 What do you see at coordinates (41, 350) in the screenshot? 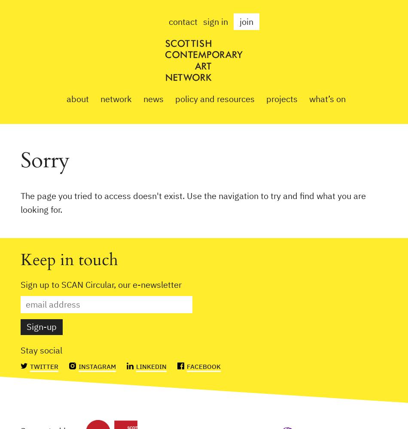
I see `'Stay social'` at bounding box center [41, 350].